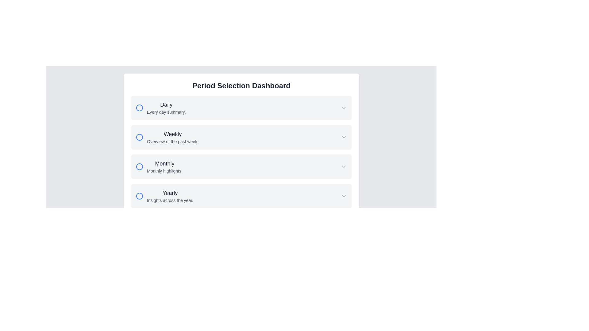 This screenshot has height=331, width=589. Describe the element at coordinates (241, 166) in the screenshot. I see `the third selectable list item for the 'Monthly' period, which is located between the 'Weekly' and 'Yearly' options` at that location.